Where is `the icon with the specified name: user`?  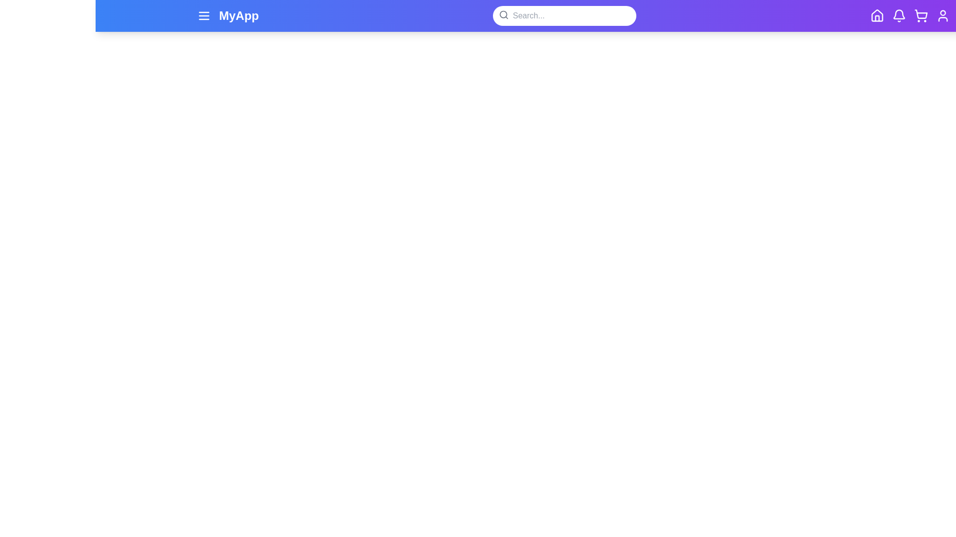 the icon with the specified name: user is located at coordinates (943, 15).